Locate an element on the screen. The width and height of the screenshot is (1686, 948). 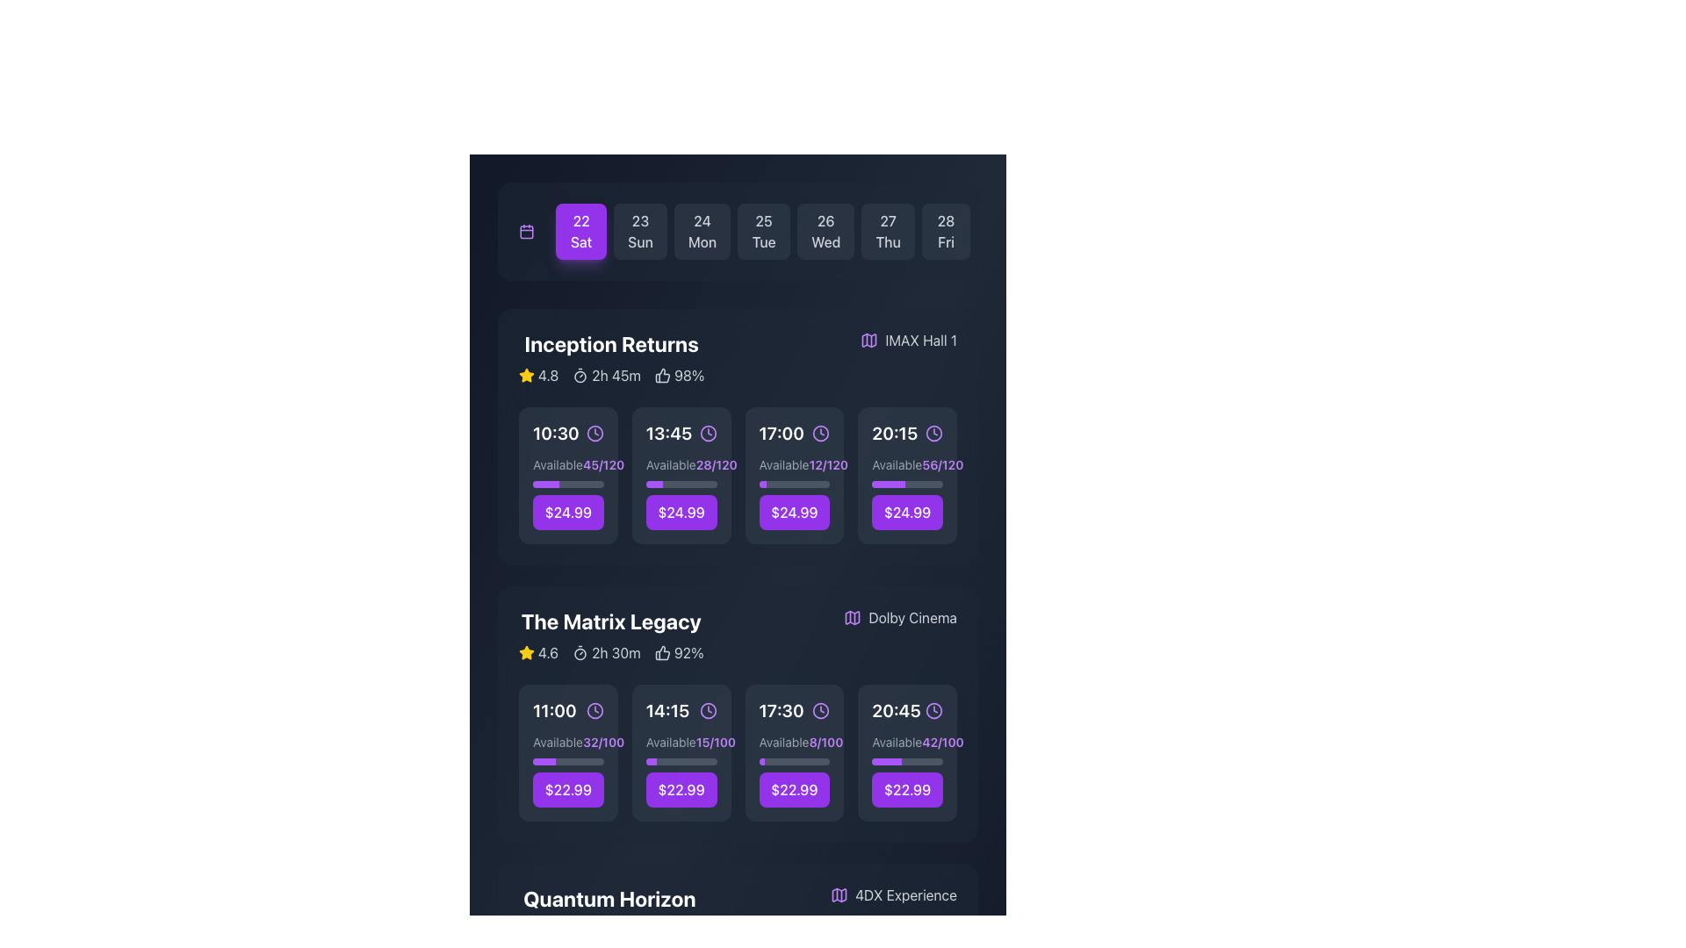
the time icon located to the right of the time text '11:00' within the time slot component for 'The Matrix Legacy' is located at coordinates (594, 711).